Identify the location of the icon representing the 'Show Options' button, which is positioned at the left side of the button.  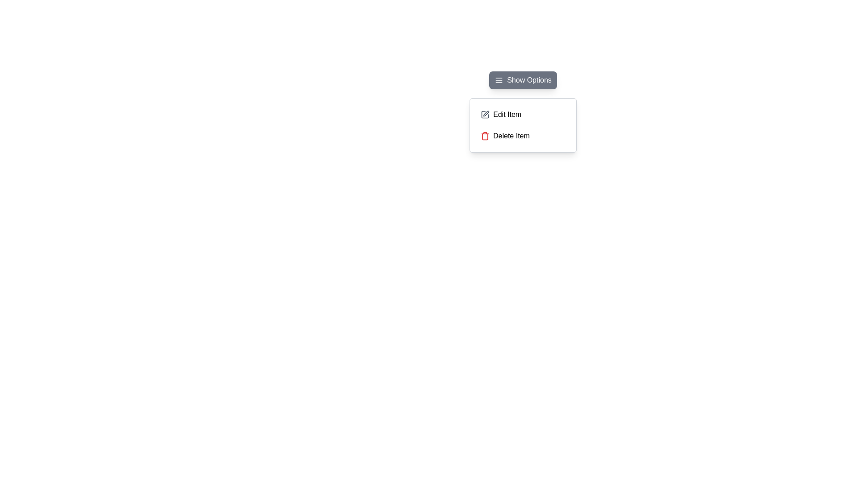
(499, 80).